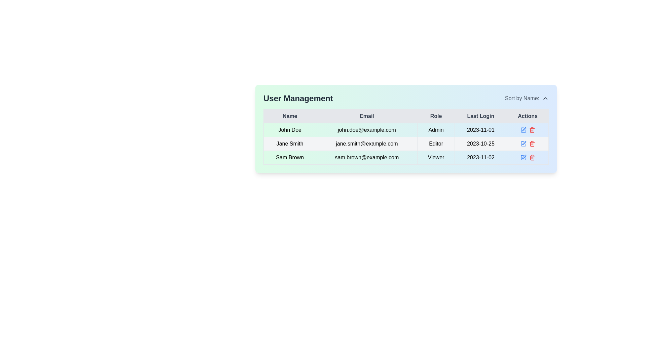 This screenshot has height=363, width=646. I want to click on the second row in the User Management table, which contains user details and actions to edit or delete, so click(405, 144).